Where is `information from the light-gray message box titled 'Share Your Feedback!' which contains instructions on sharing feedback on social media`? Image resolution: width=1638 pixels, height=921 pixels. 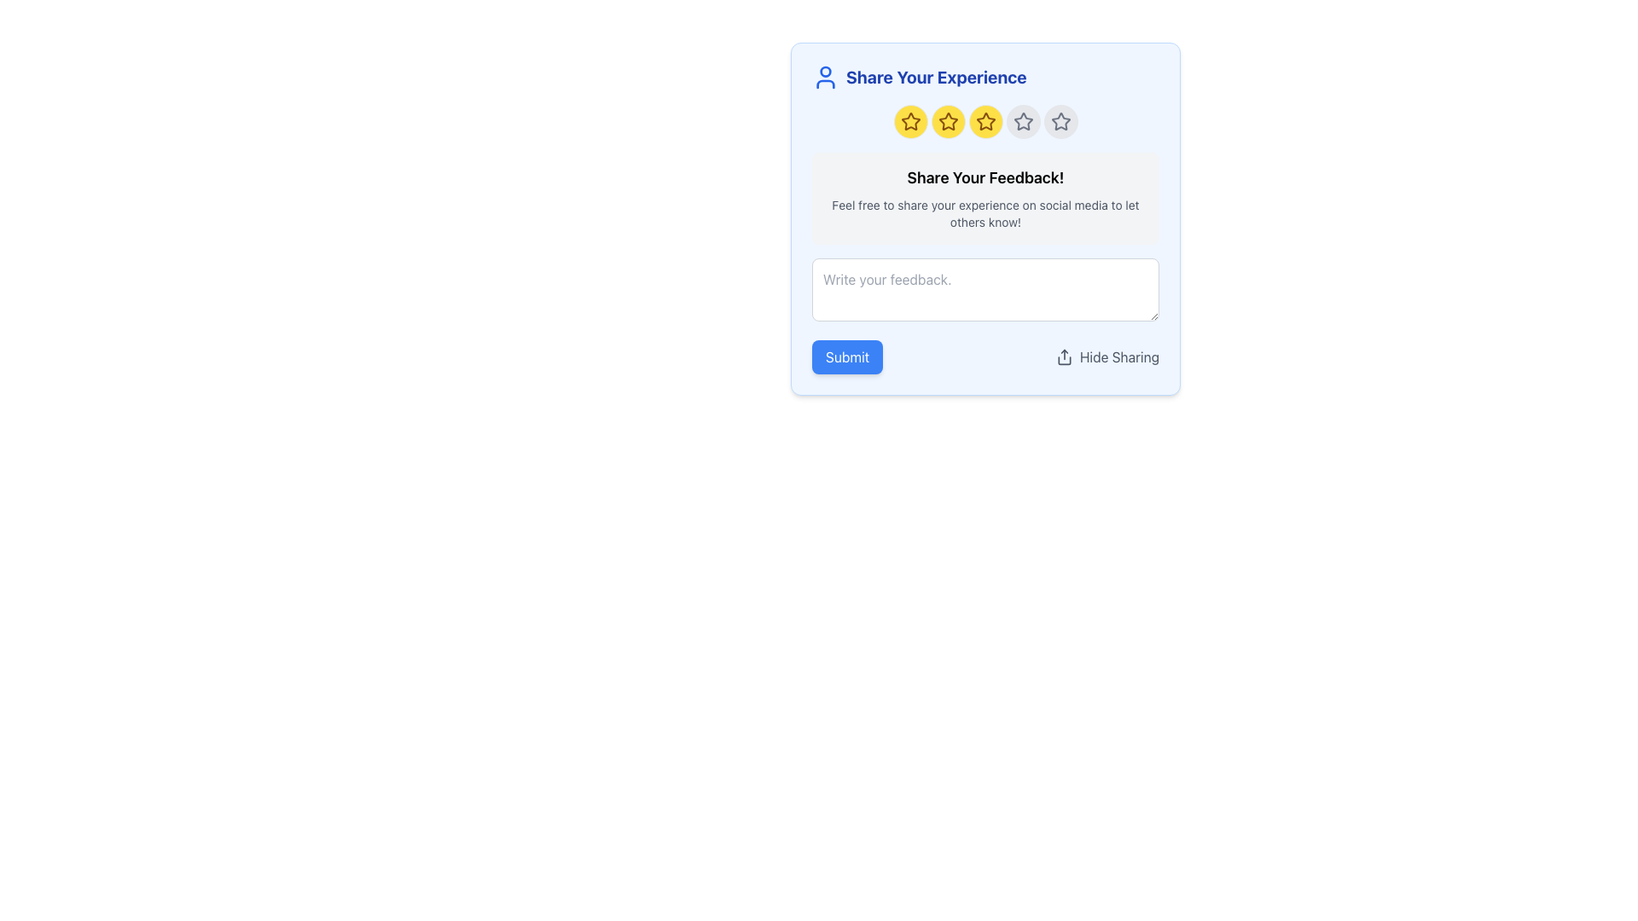
information from the light-gray message box titled 'Share Your Feedback!' which contains instructions on sharing feedback on social media is located at coordinates (985, 197).